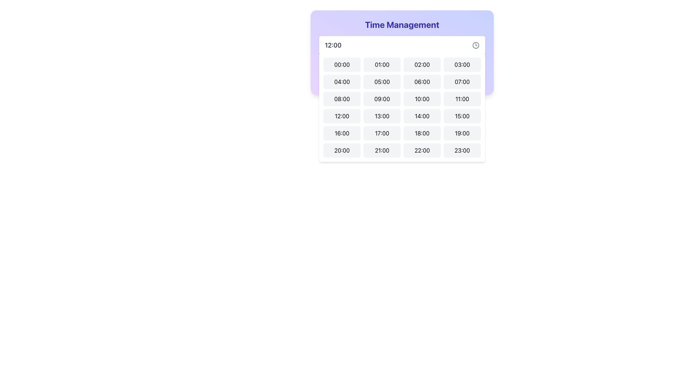  What do you see at coordinates (382, 150) in the screenshot?
I see `the button displaying '21:00', which is the sixth entry in the last row of a 4-column grid layout within the 'Time Management' popup` at bounding box center [382, 150].